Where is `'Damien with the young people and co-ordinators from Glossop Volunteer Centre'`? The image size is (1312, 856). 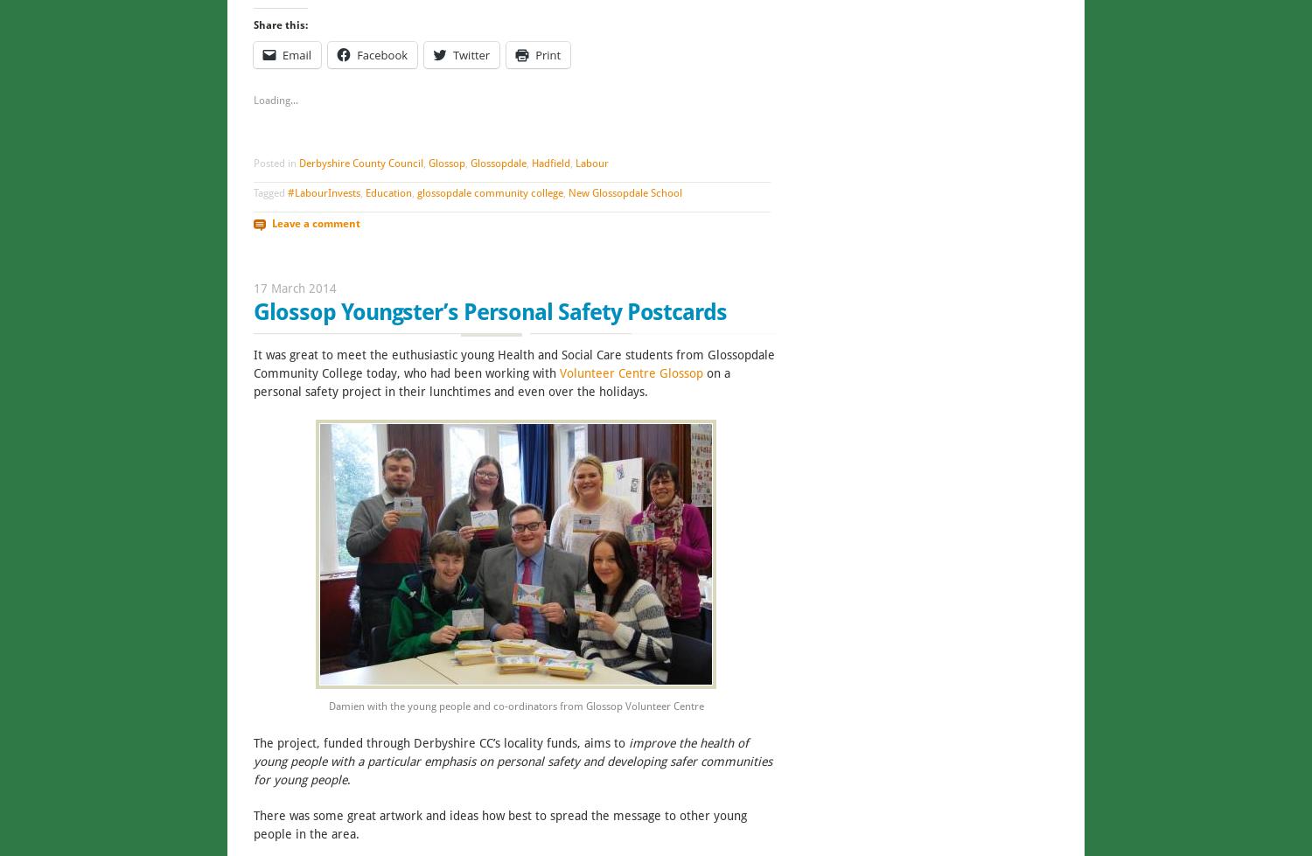
'Damien with the young people and co-ordinators from Glossop Volunteer Centre' is located at coordinates (514, 704).